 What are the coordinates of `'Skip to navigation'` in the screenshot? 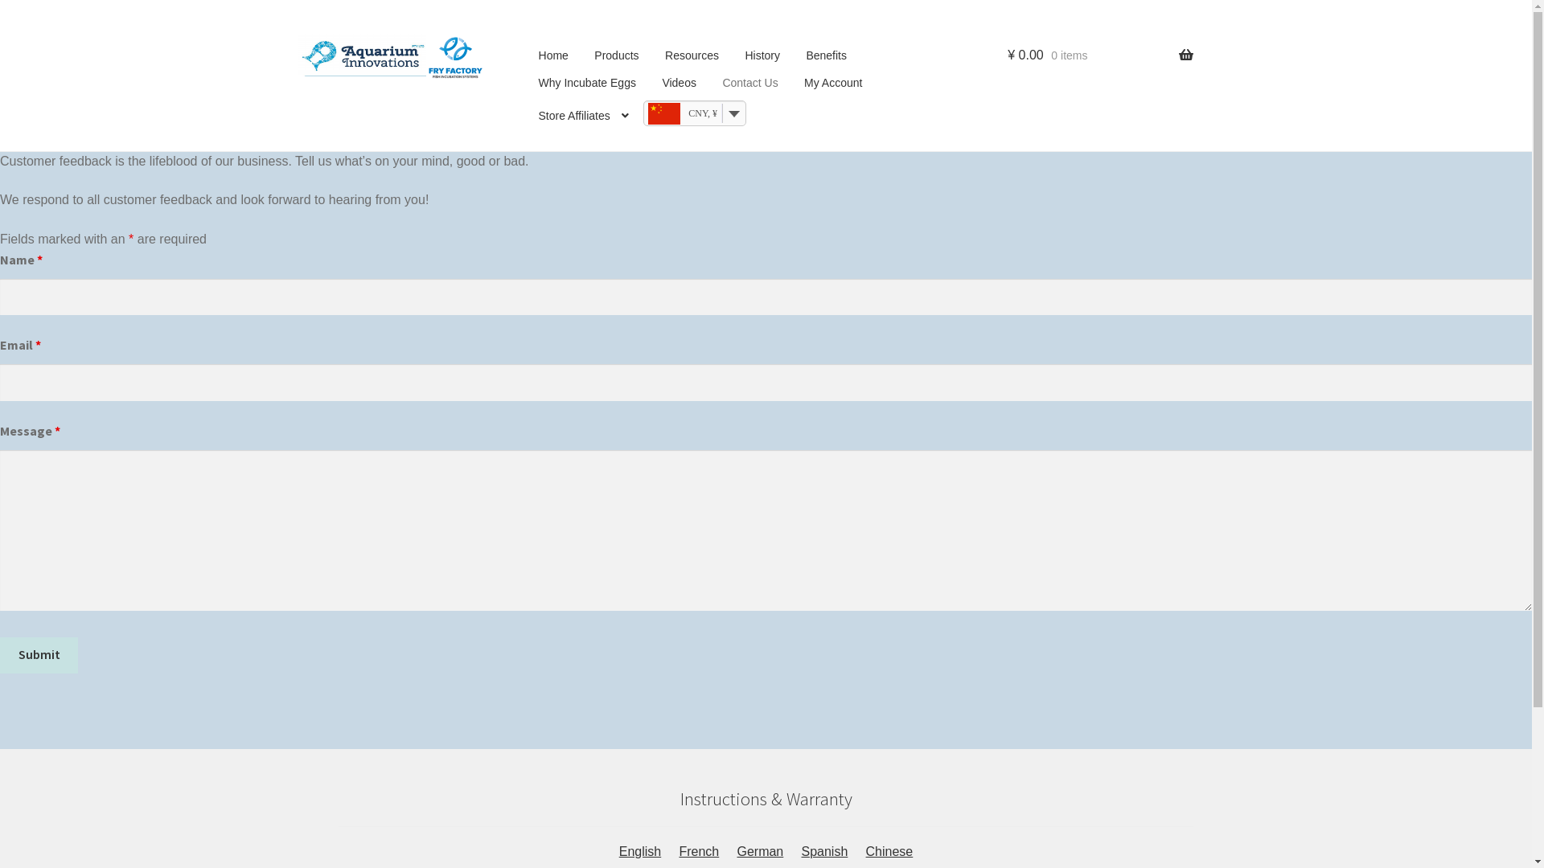 It's located at (337, 33).